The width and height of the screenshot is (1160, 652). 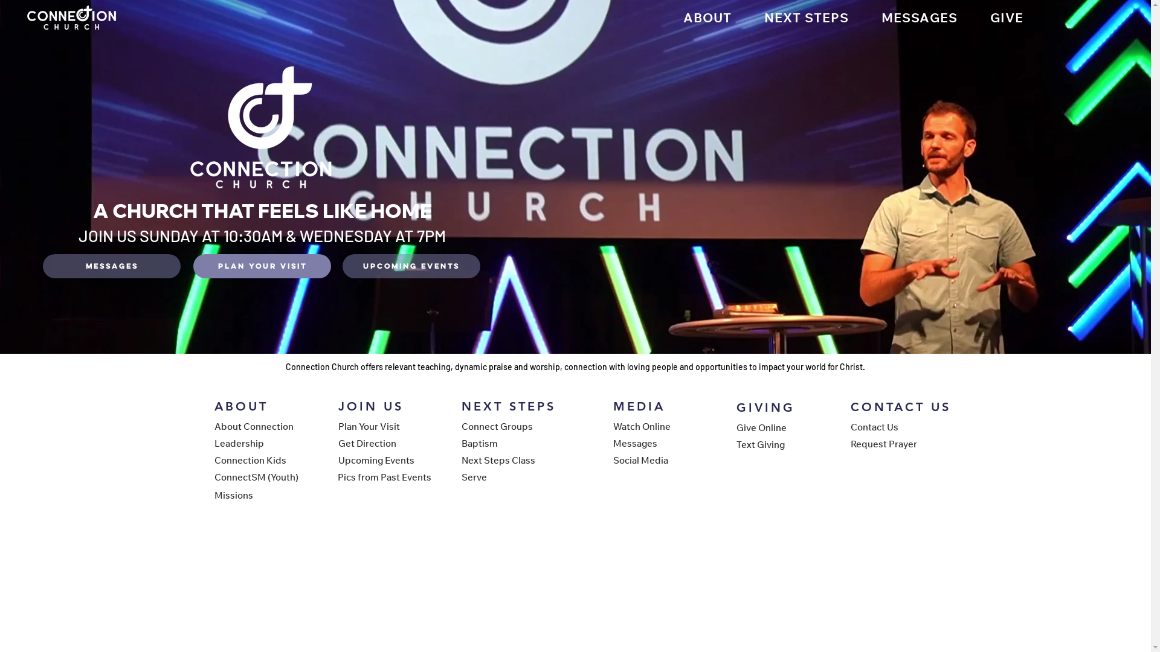 What do you see at coordinates (380, 443) in the screenshot?
I see `'Get Direction'` at bounding box center [380, 443].